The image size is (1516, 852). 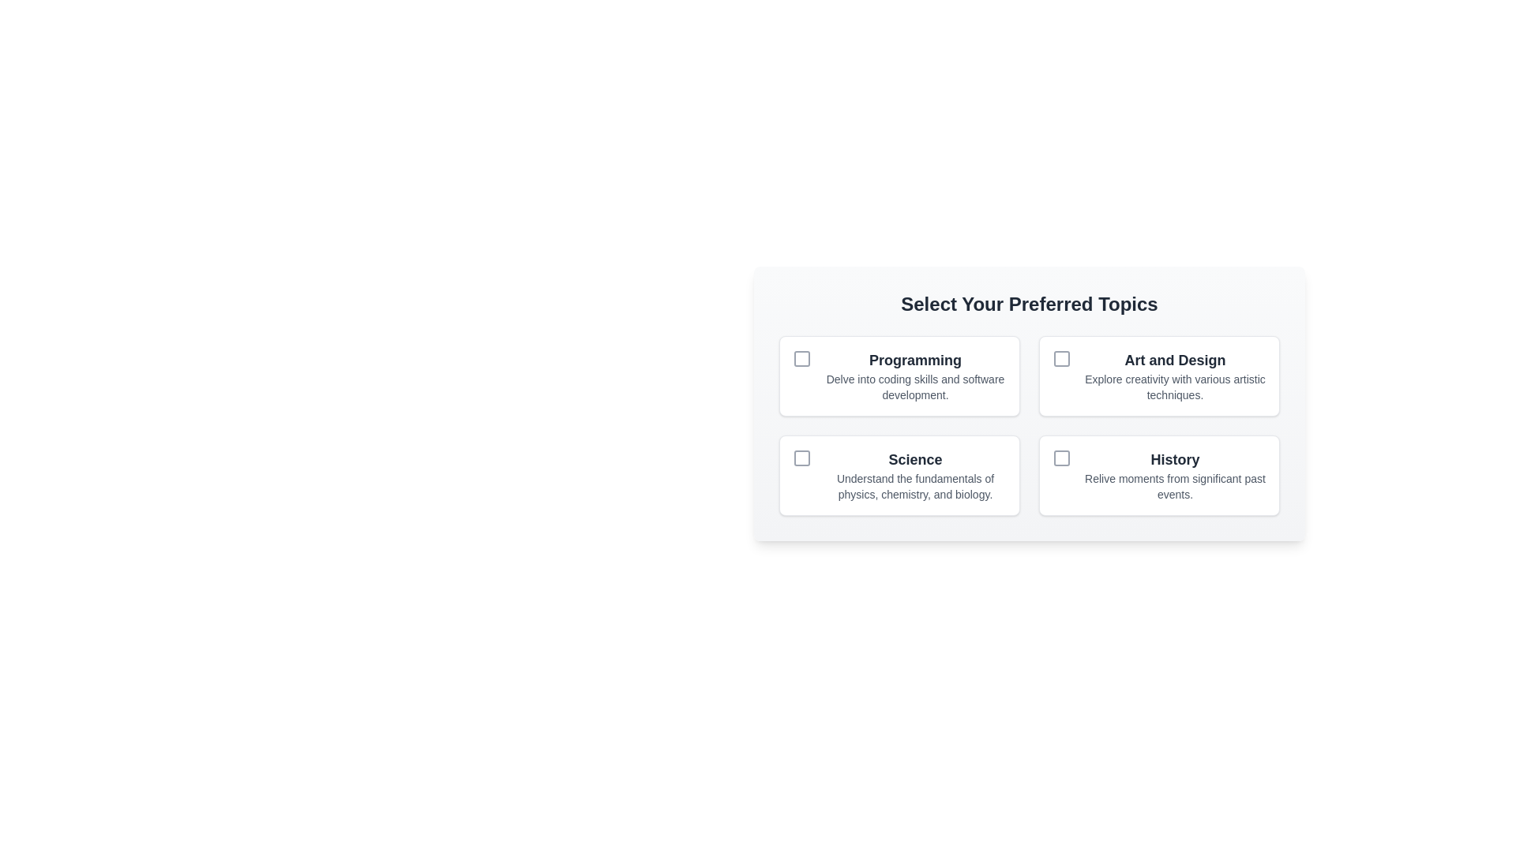 What do you see at coordinates (1061, 359) in the screenshot?
I see `the checkbox` at bounding box center [1061, 359].